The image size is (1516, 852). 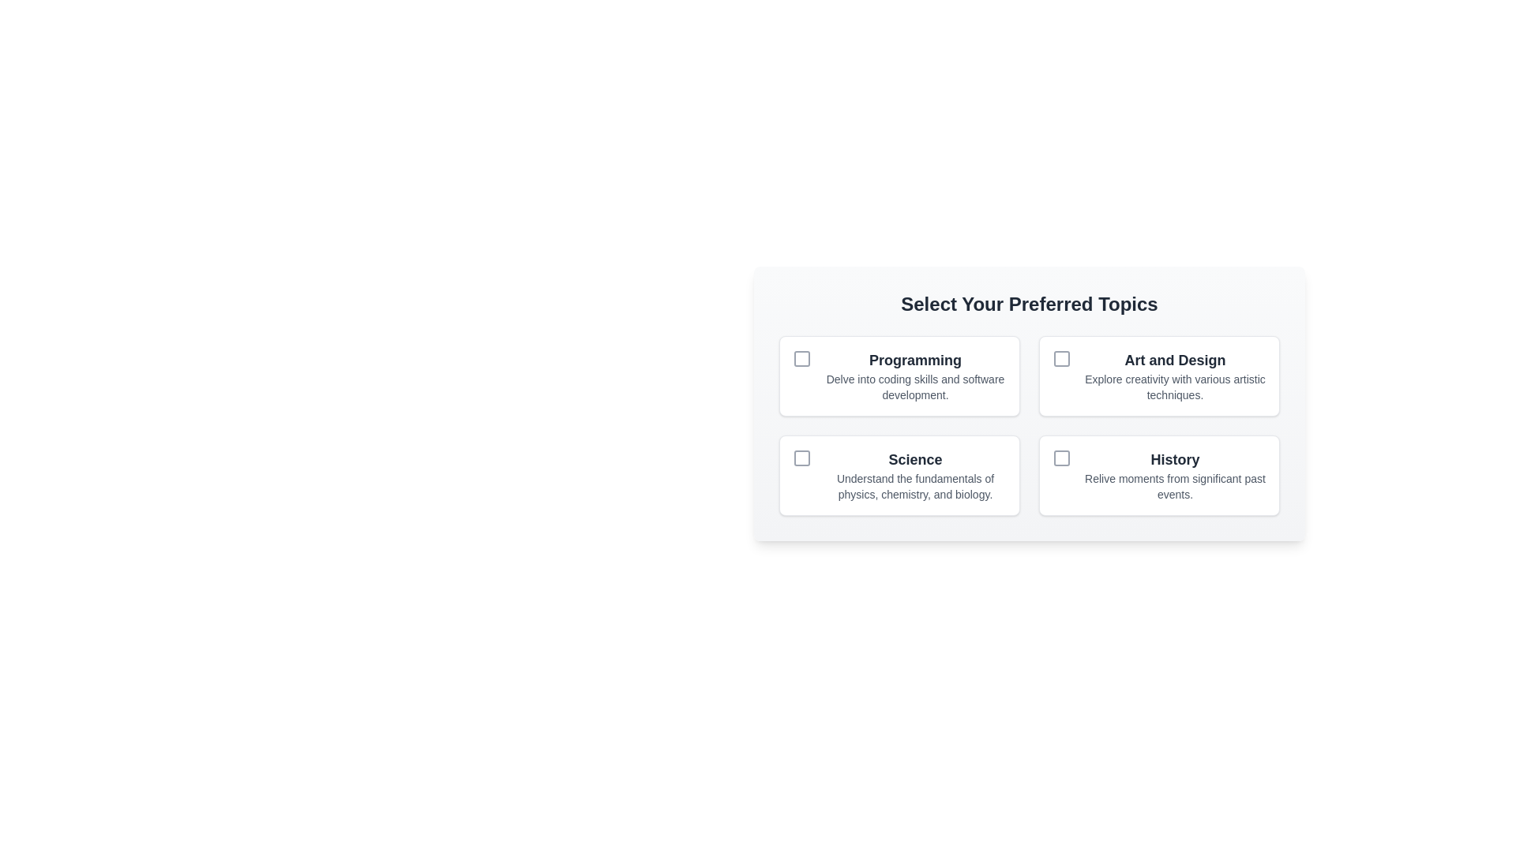 What do you see at coordinates (1061, 359) in the screenshot?
I see `the checkbox` at bounding box center [1061, 359].